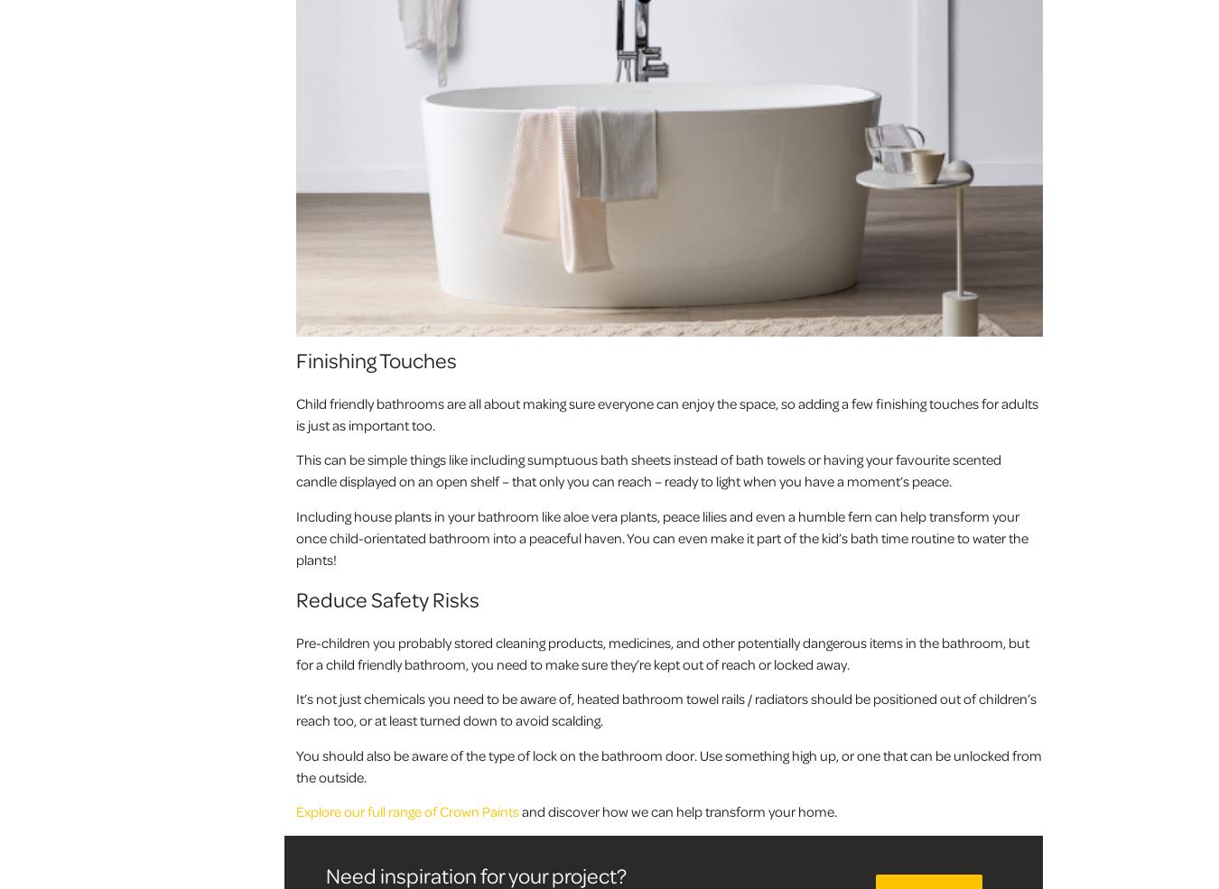 This screenshot has width=1219, height=889. What do you see at coordinates (377, 358) in the screenshot?
I see `'Finishing Touches'` at bounding box center [377, 358].